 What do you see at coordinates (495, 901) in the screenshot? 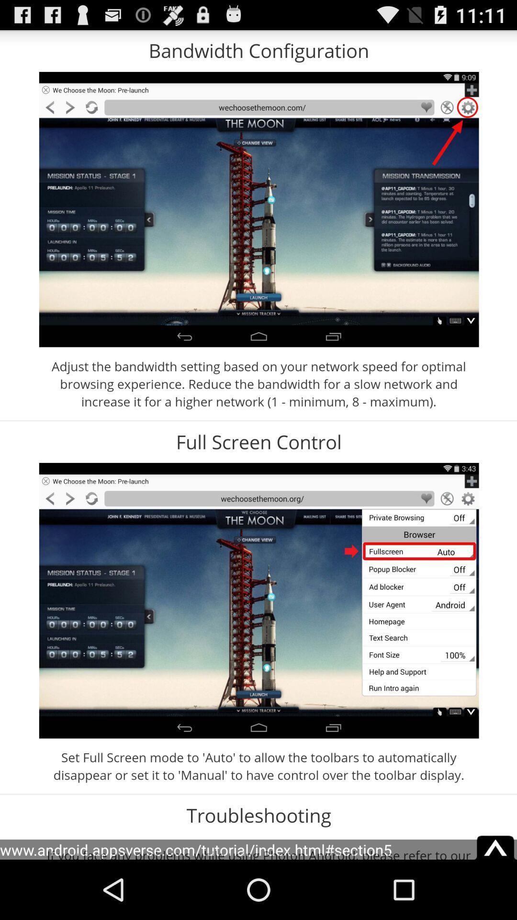
I see `the expand_less icon` at bounding box center [495, 901].